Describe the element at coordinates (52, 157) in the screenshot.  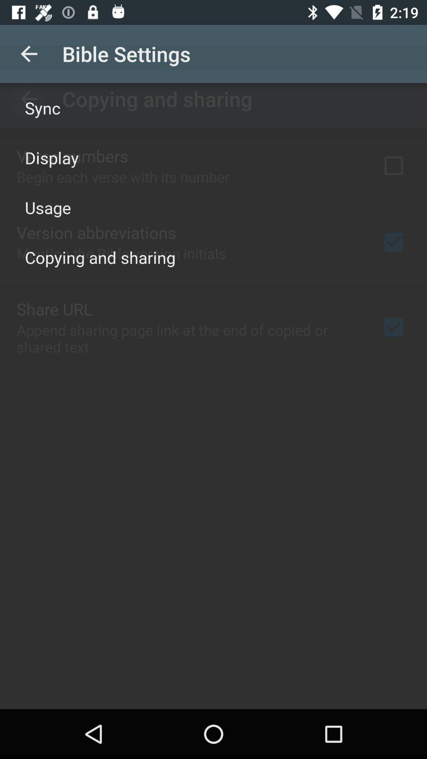
I see `the display item` at that location.